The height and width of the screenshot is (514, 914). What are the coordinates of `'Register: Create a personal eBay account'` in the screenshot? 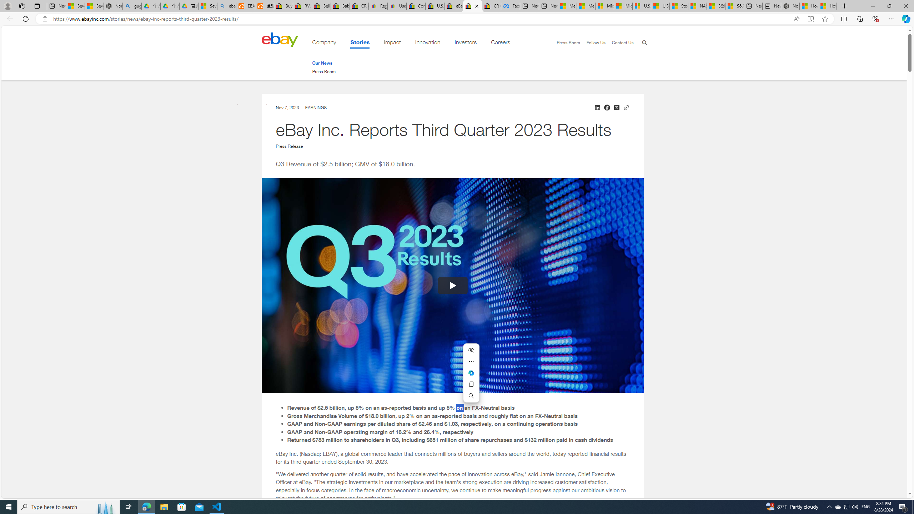 It's located at (377, 6).